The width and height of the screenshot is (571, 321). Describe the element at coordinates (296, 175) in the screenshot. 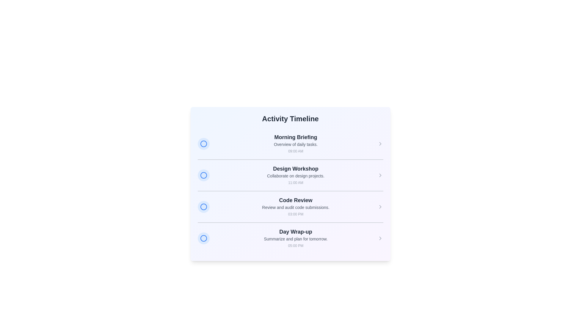

I see `the static text element that provides a brief description of the Design Workshop event, positioned below the title and above the time` at that location.